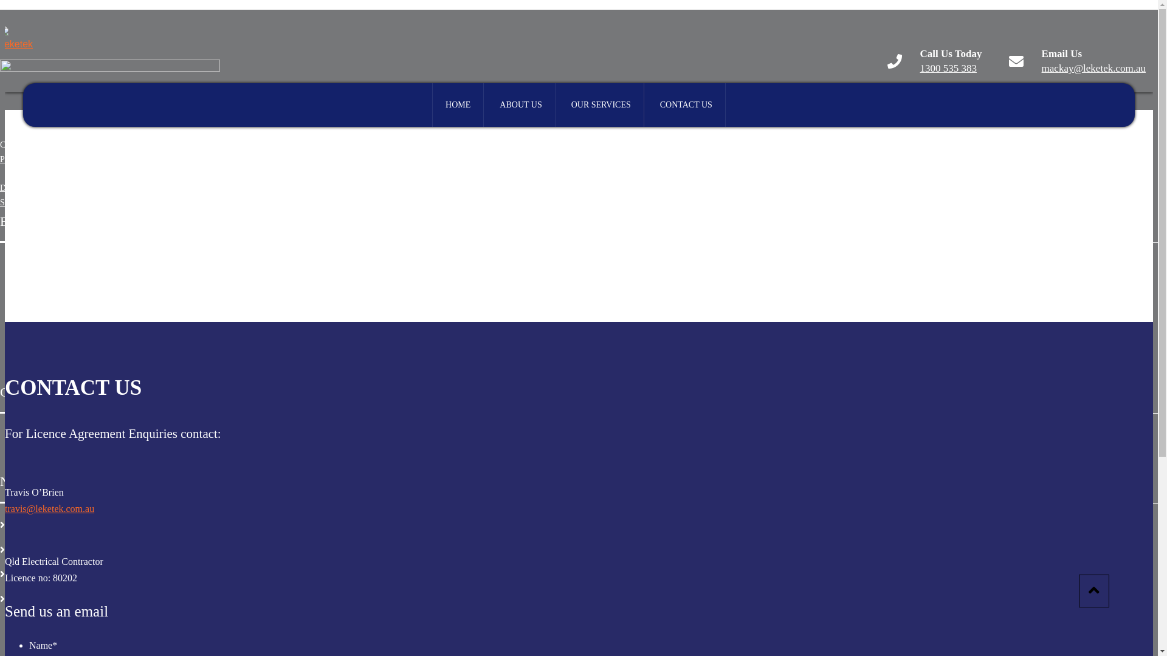 The image size is (1167, 656). Describe the element at coordinates (1093, 68) in the screenshot. I see `'mackay@leketek.com.au'` at that location.